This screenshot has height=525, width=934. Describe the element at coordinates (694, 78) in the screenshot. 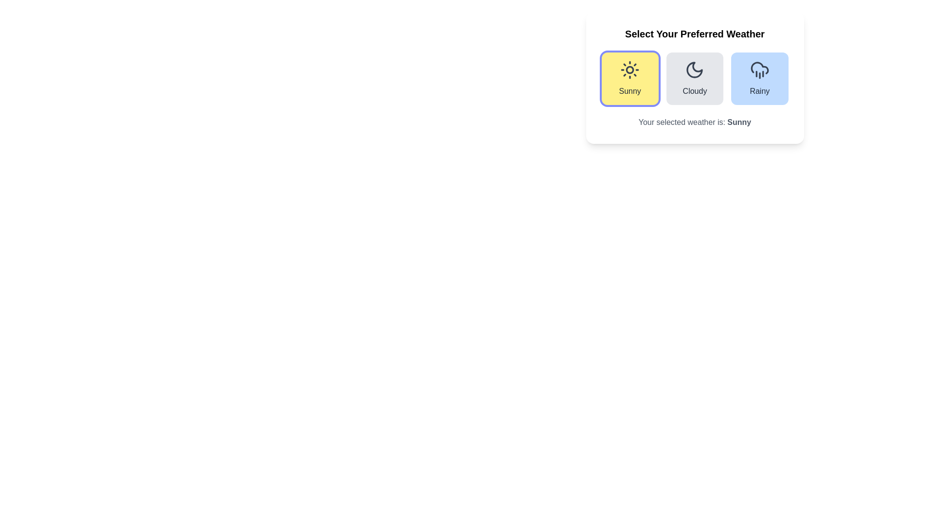

I see `the selectable weather condition card in the grid layout positioned under the title 'Select Your Preferred Weather' to trigger the visual hover effect` at that location.